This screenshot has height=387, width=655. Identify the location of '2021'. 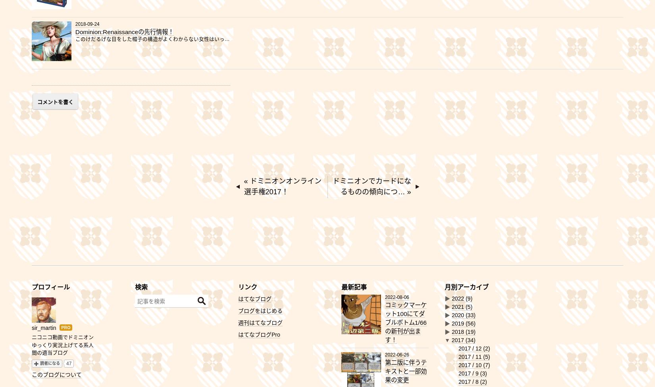
(458, 307).